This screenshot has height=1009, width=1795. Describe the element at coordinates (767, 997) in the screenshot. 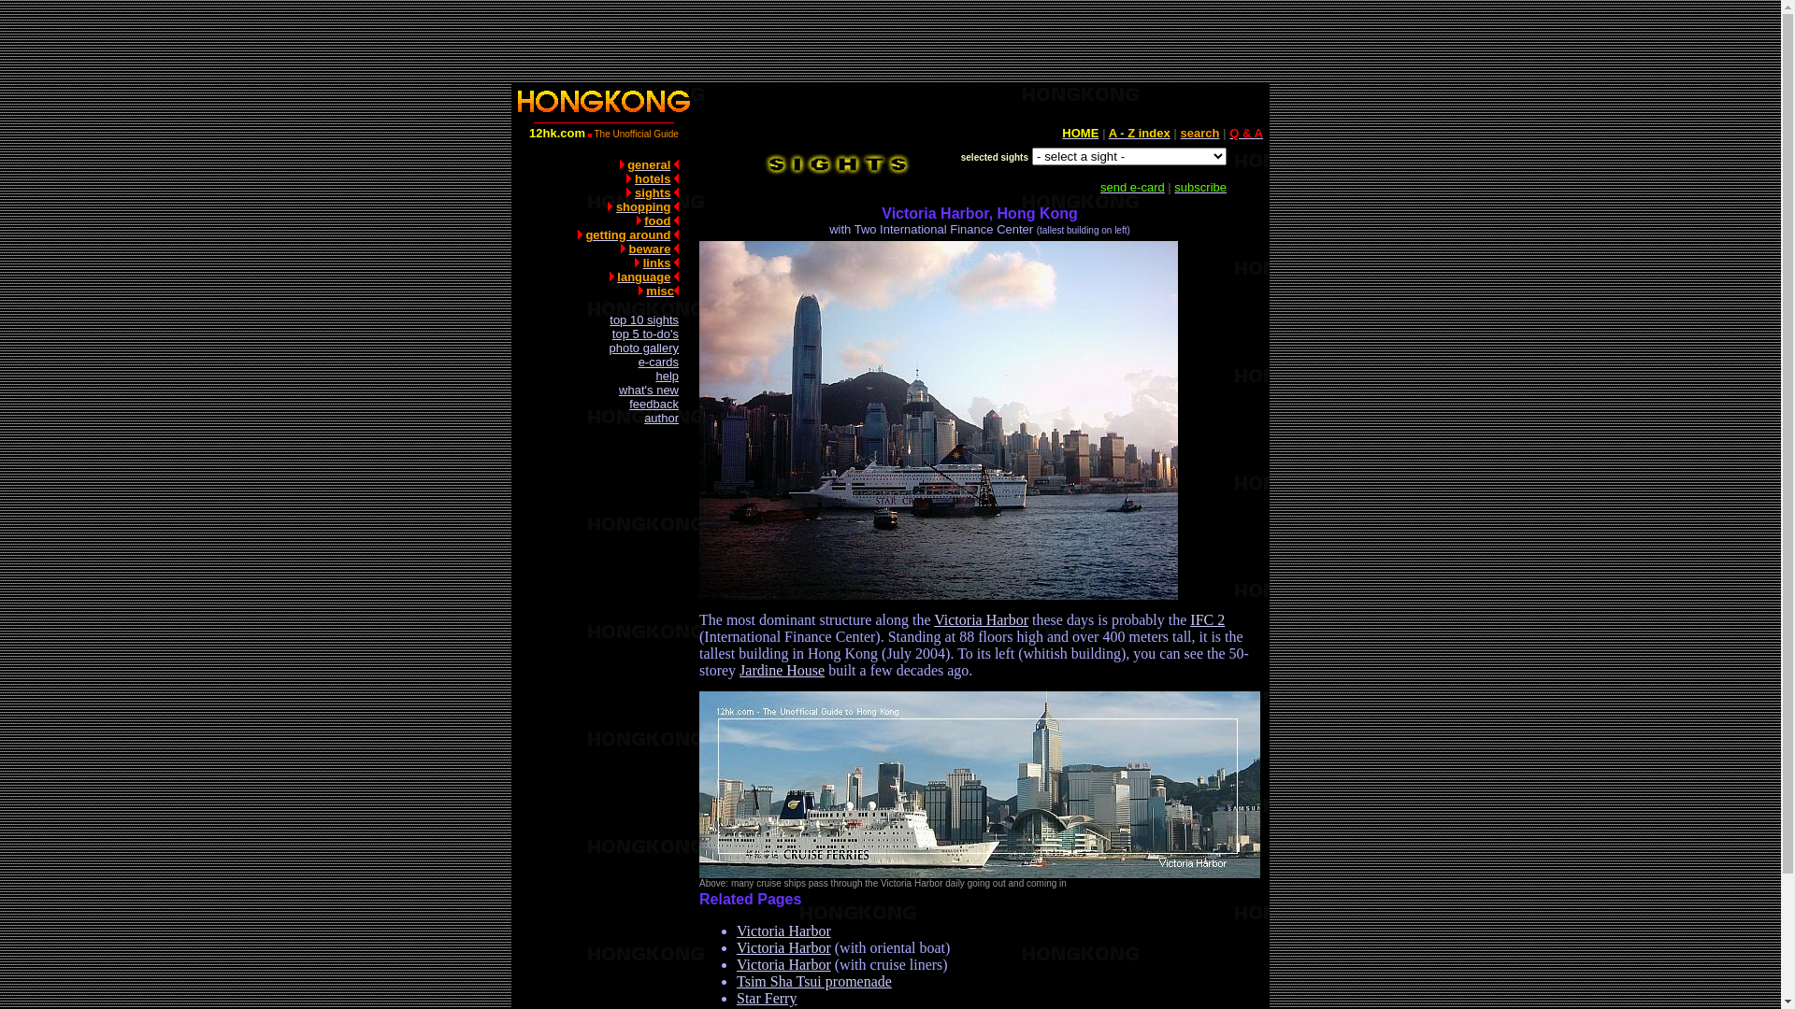

I see `'Star Ferry'` at that location.